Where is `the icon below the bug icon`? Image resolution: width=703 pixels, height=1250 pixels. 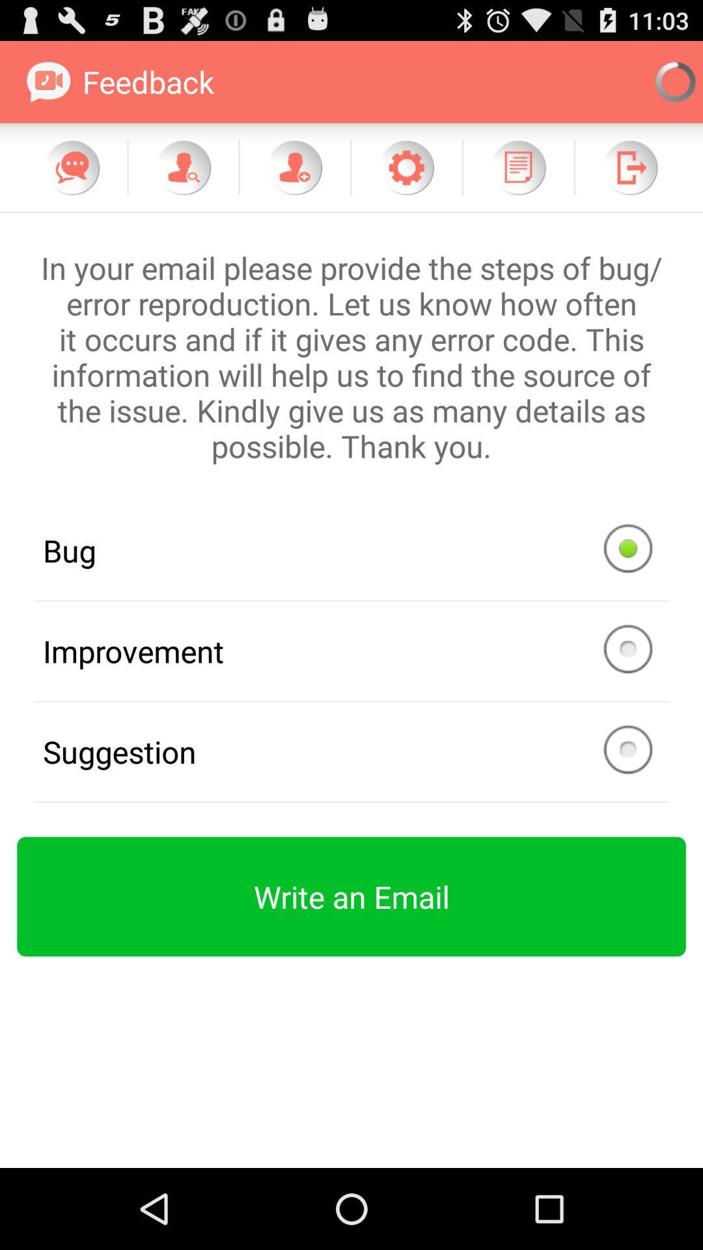 the icon below the bug icon is located at coordinates (351, 651).